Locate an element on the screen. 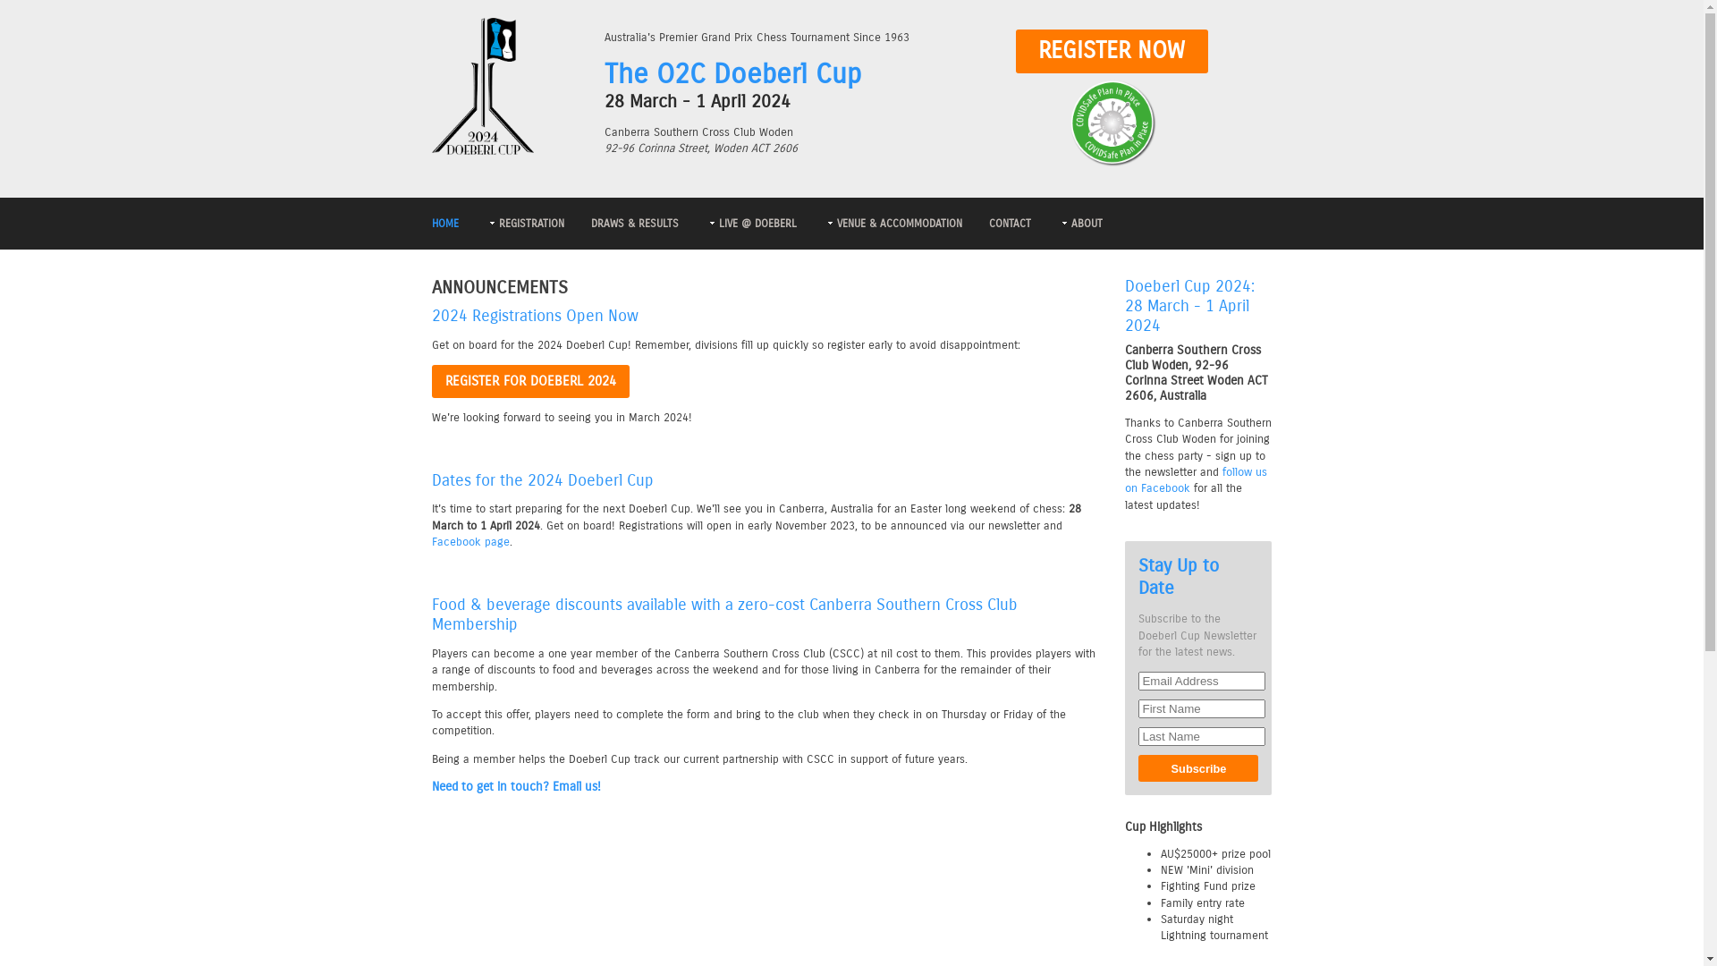 The width and height of the screenshot is (1717, 966). 'LIVE @ DOEBERL' is located at coordinates (703, 223).